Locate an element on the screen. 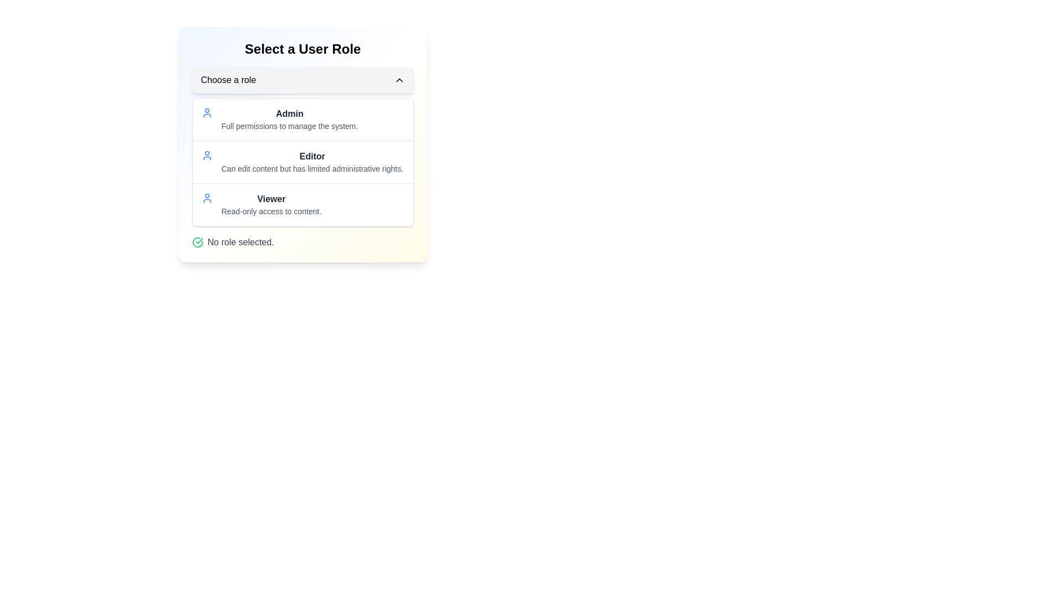 This screenshot has width=1064, height=598. text contained within the first role description block titled 'Admin.' which includes the subtitle 'Full permissions to manage the system.' is located at coordinates (289, 120).